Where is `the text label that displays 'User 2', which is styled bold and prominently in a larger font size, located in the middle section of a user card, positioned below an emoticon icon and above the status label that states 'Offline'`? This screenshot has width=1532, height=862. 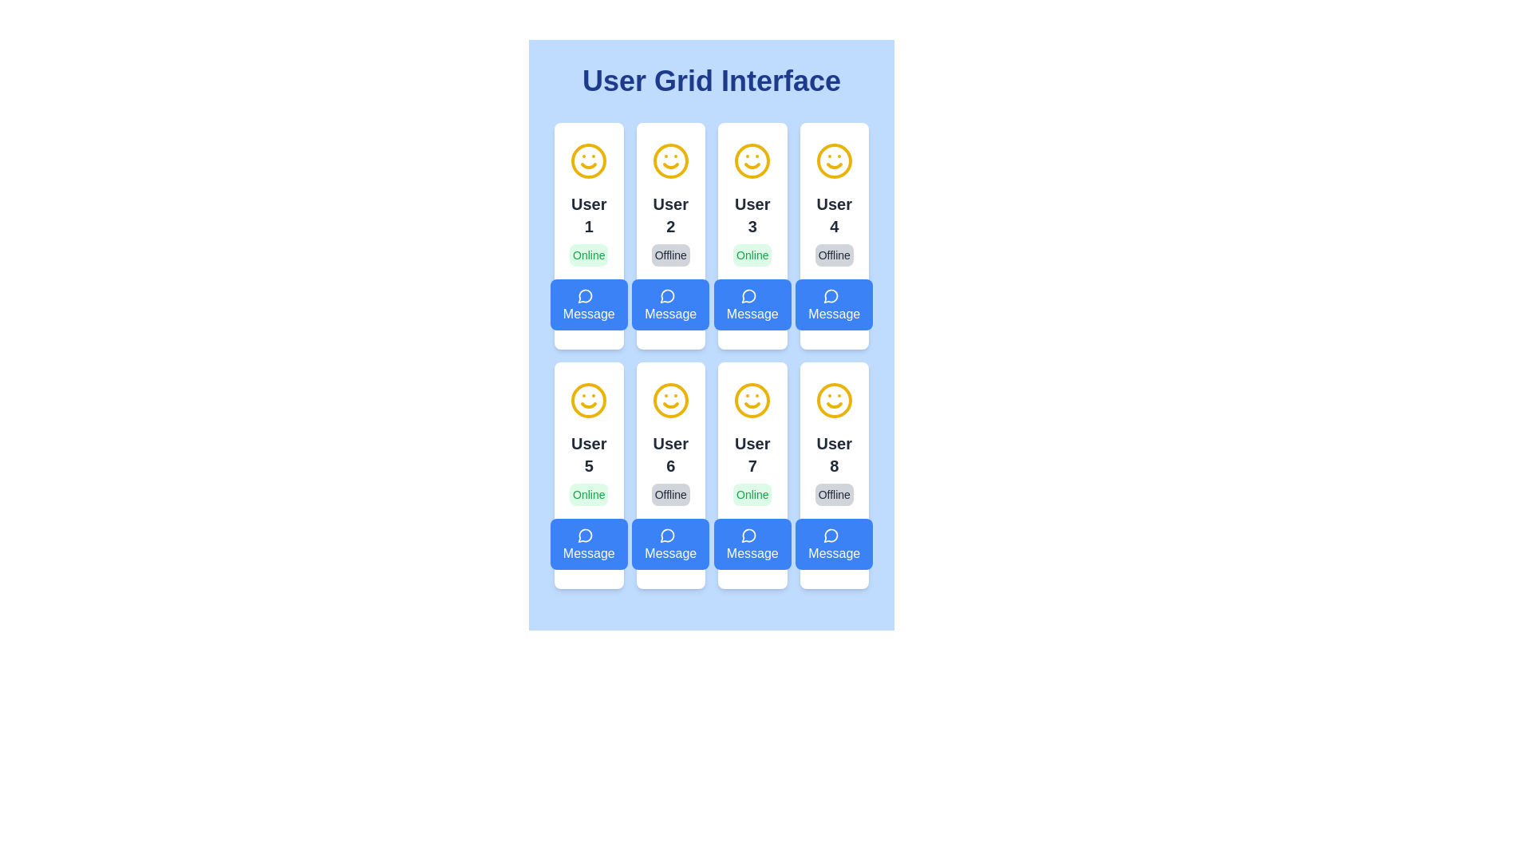 the text label that displays 'User 2', which is styled bold and prominently in a larger font size, located in the middle section of a user card, positioned below an emoticon icon and above the status label that states 'Offline' is located at coordinates (670, 215).